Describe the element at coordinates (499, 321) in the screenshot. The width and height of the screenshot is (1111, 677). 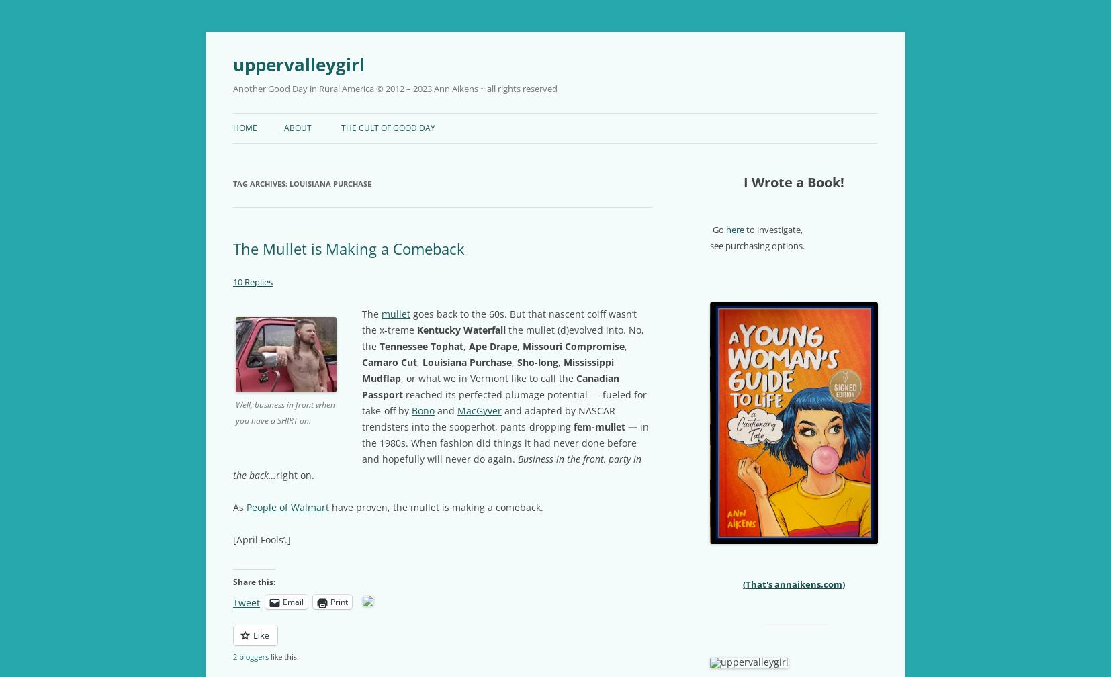
I see `'goes back to the 60s. But that nascent coiff wasn’t the x-treme'` at that location.